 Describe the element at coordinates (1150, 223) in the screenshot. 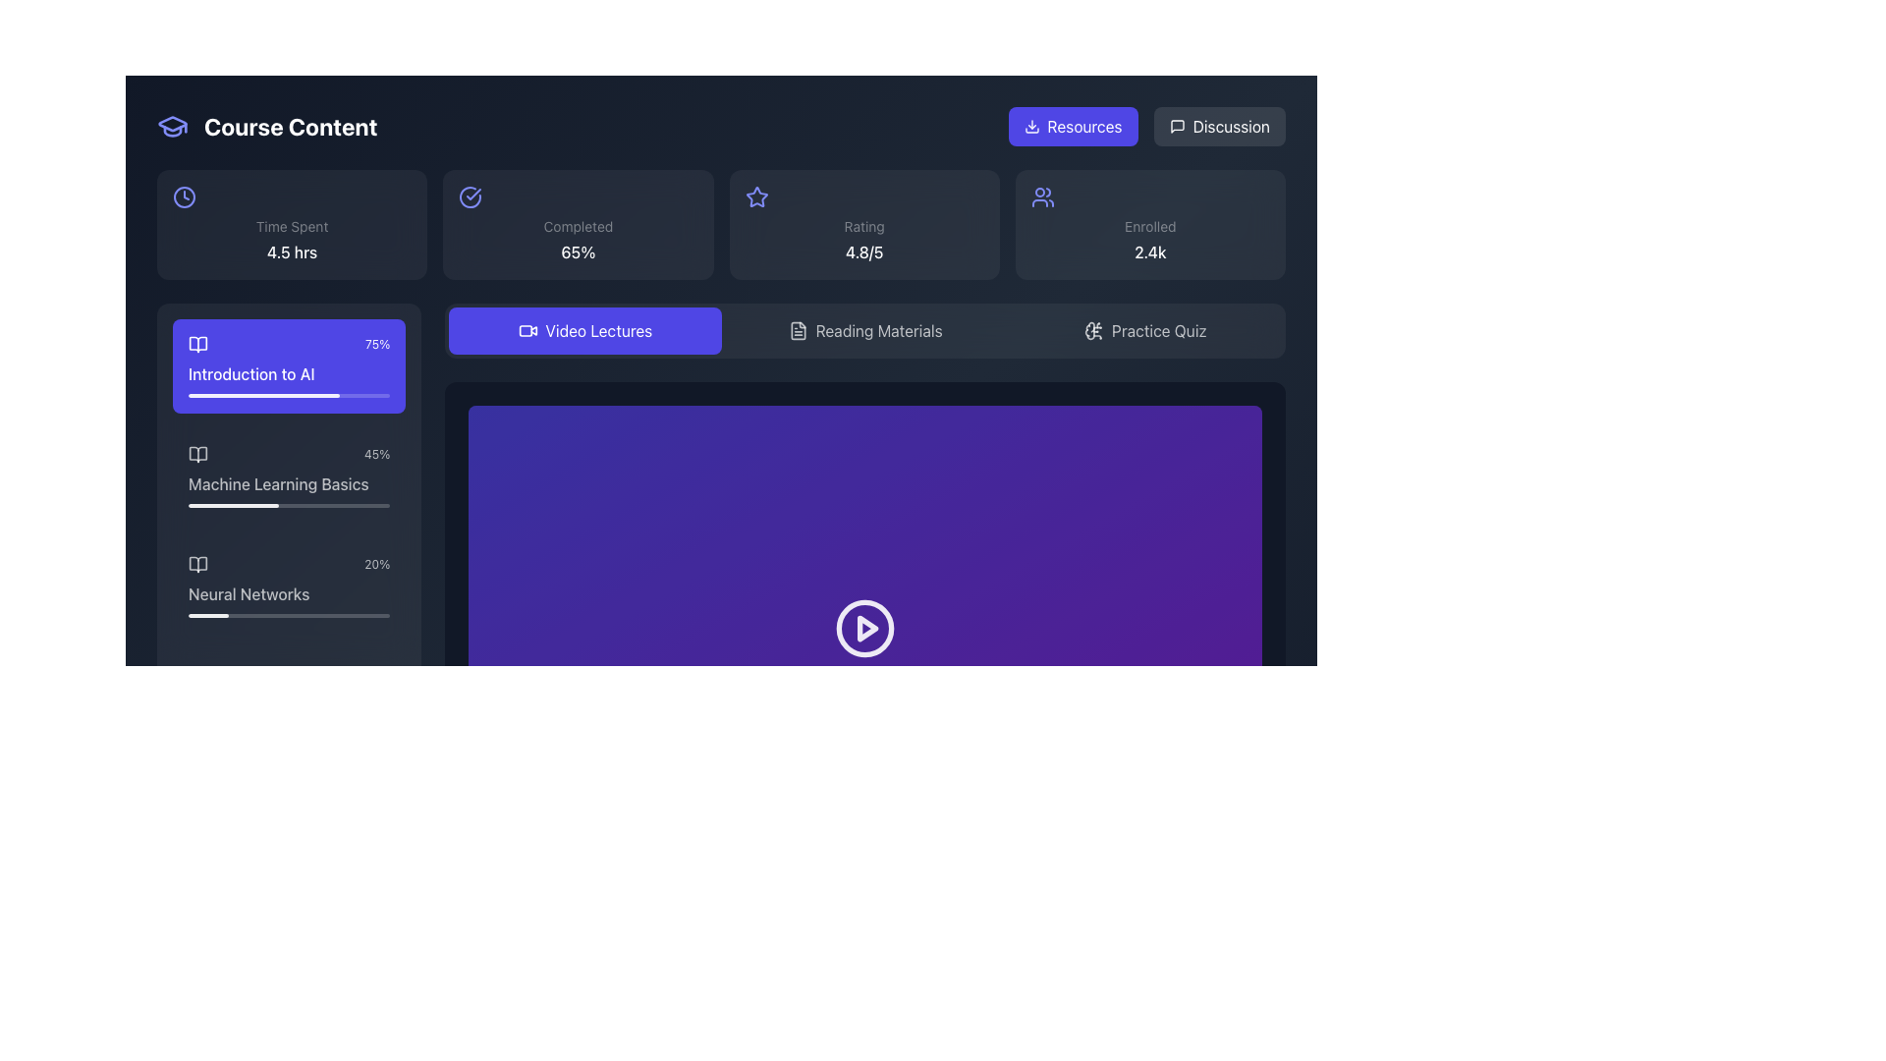

I see `the Information Widget displaying enrollment statistics, located at the top-right corner of a four-column grid, adjacent to the 'Rating' widget` at that location.